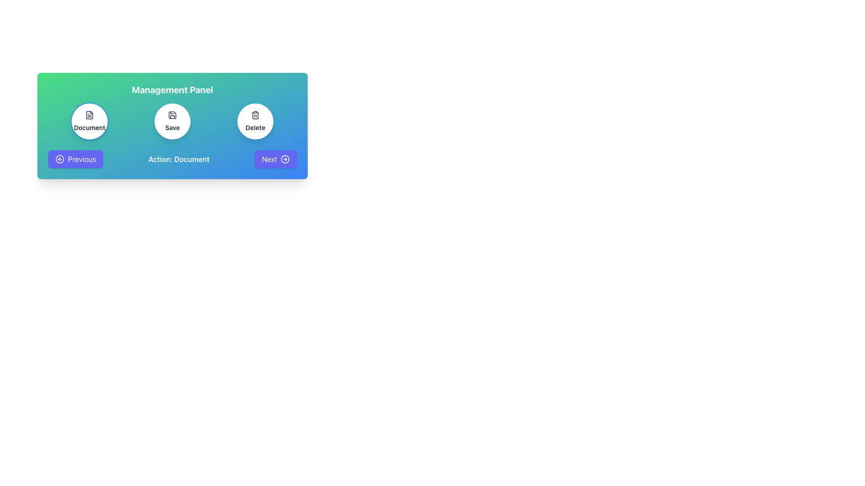 The image size is (865, 486). What do you see at coordinates (173, 121) in the screenshot?
I see `the circular 'Save' button located in the Management Panel, which is positioned between the title and the navigation buttons` at bounding box center [173, 121].